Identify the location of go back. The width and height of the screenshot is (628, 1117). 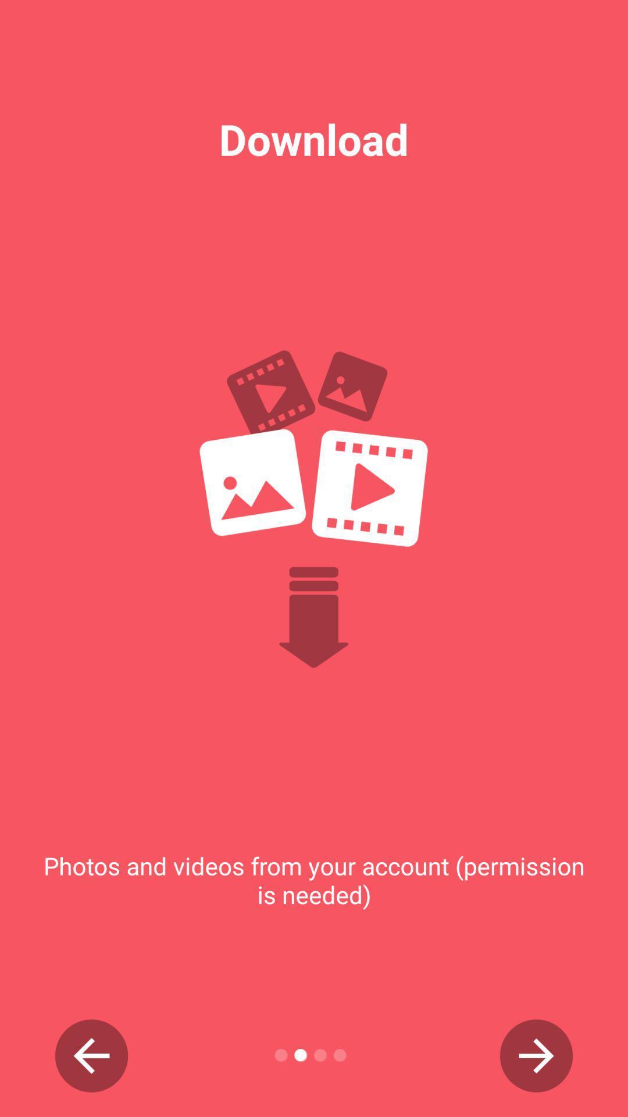
(91, 1055).